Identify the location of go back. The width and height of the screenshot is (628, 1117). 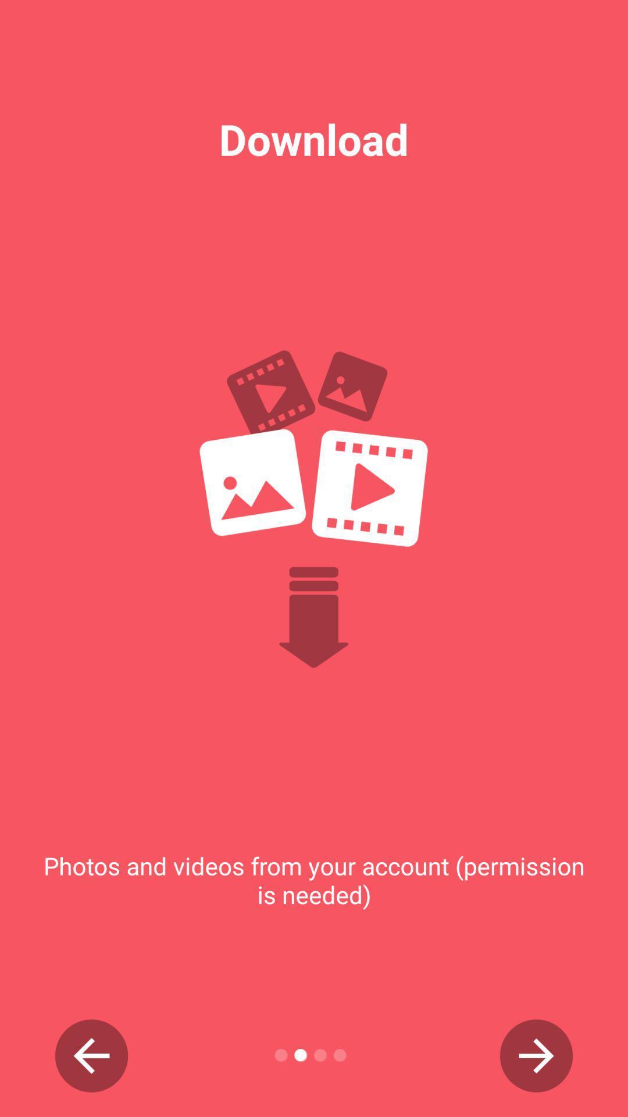
(91, 1055).